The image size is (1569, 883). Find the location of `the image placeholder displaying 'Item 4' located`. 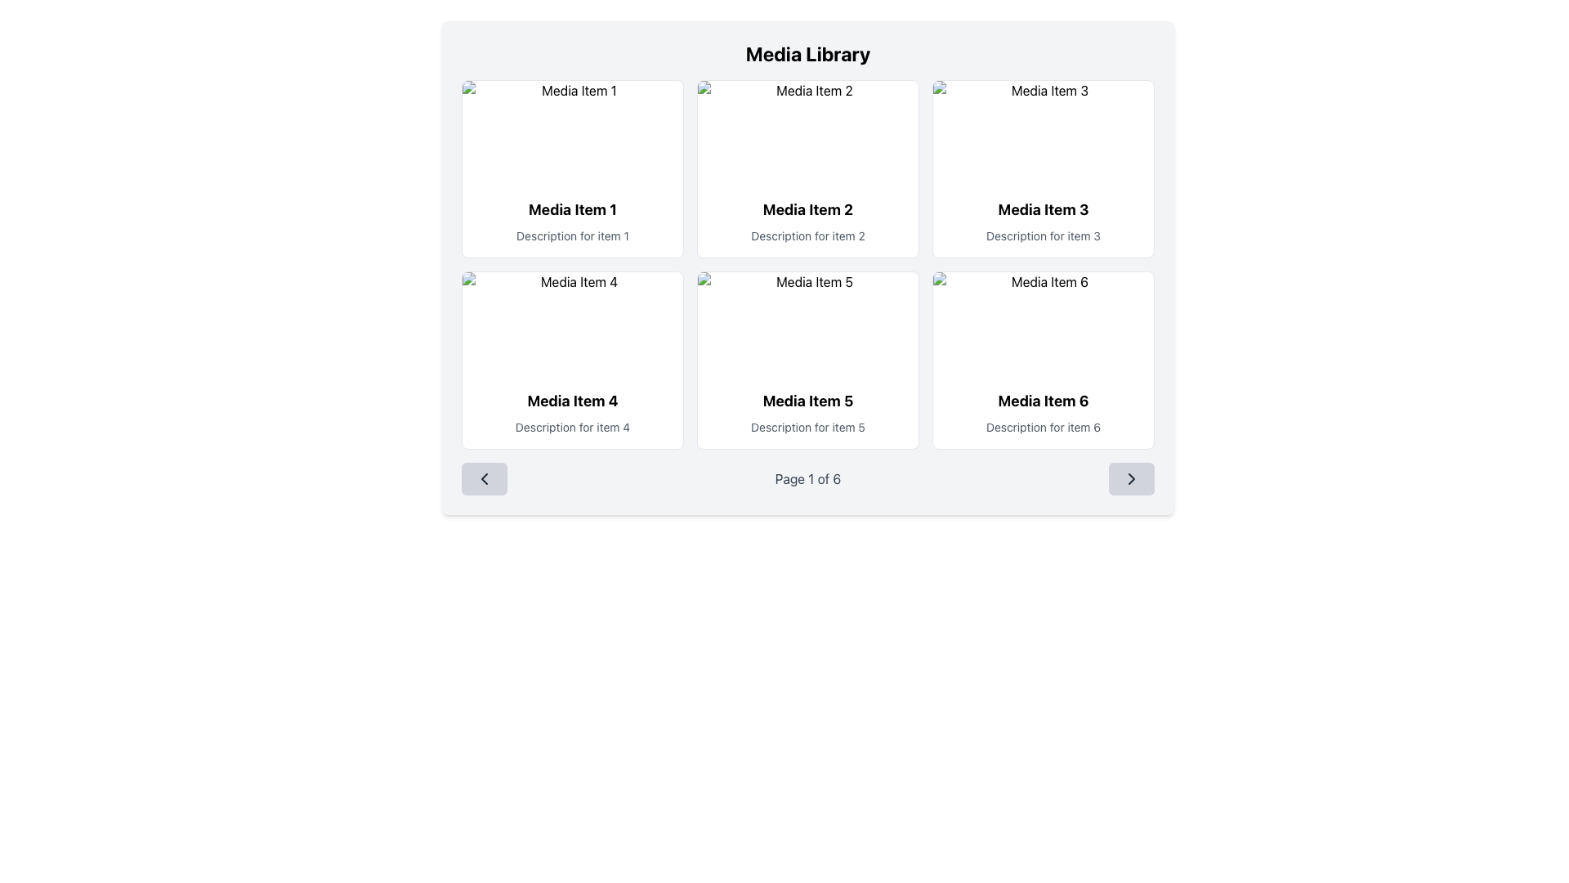

the image placeholder displaying 'Item 4' located is located at coordinates (572, 325).